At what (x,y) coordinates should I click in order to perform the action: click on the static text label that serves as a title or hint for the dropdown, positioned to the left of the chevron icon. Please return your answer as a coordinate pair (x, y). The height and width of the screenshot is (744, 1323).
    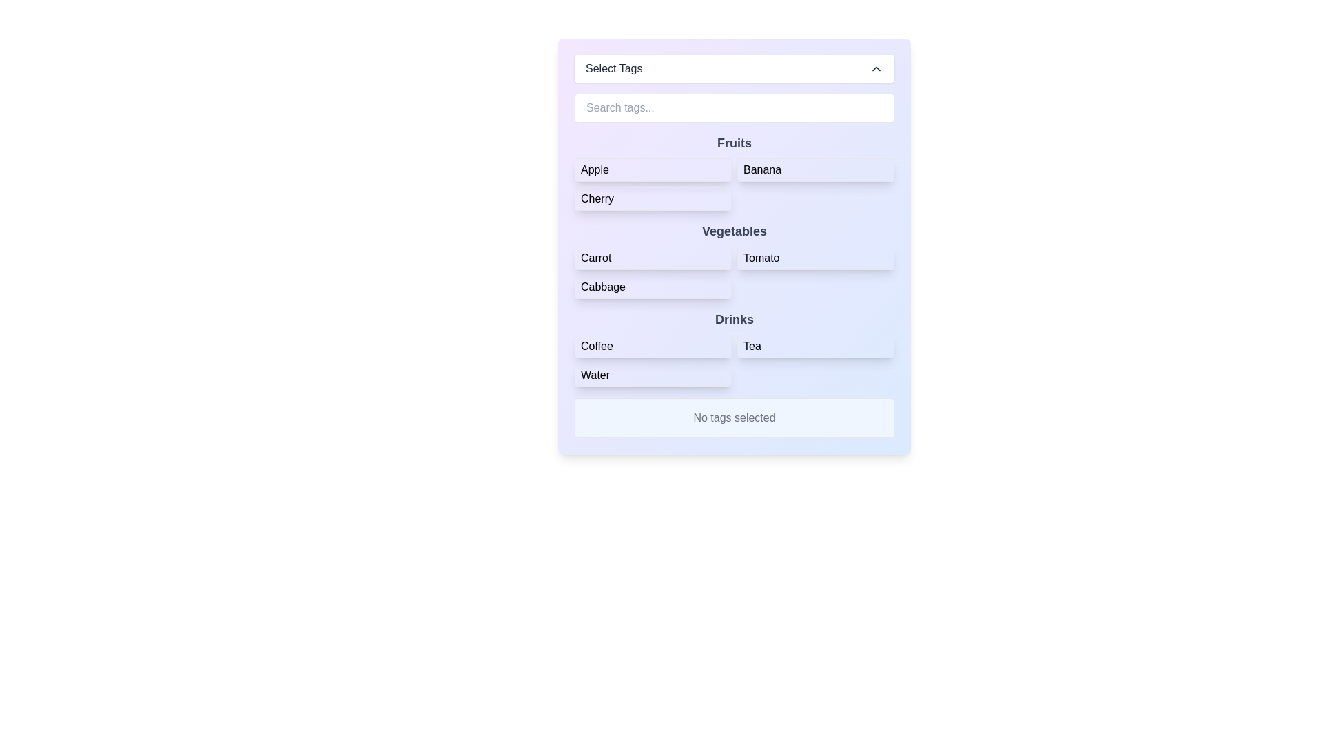
    Looking at the image, I should click on (613, 69).